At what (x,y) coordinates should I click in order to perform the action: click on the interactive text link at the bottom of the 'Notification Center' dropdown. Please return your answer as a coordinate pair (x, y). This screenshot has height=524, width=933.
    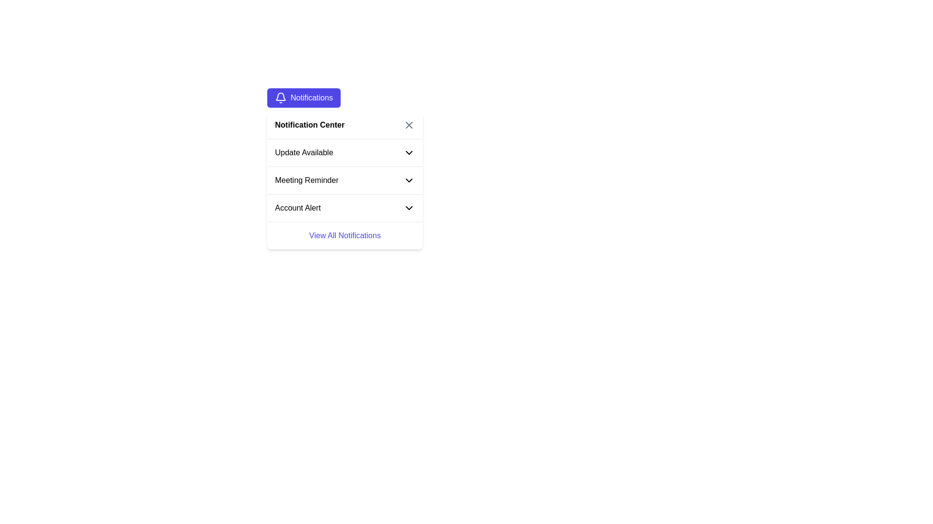
    Looking at the image, I should click on (345, 235).